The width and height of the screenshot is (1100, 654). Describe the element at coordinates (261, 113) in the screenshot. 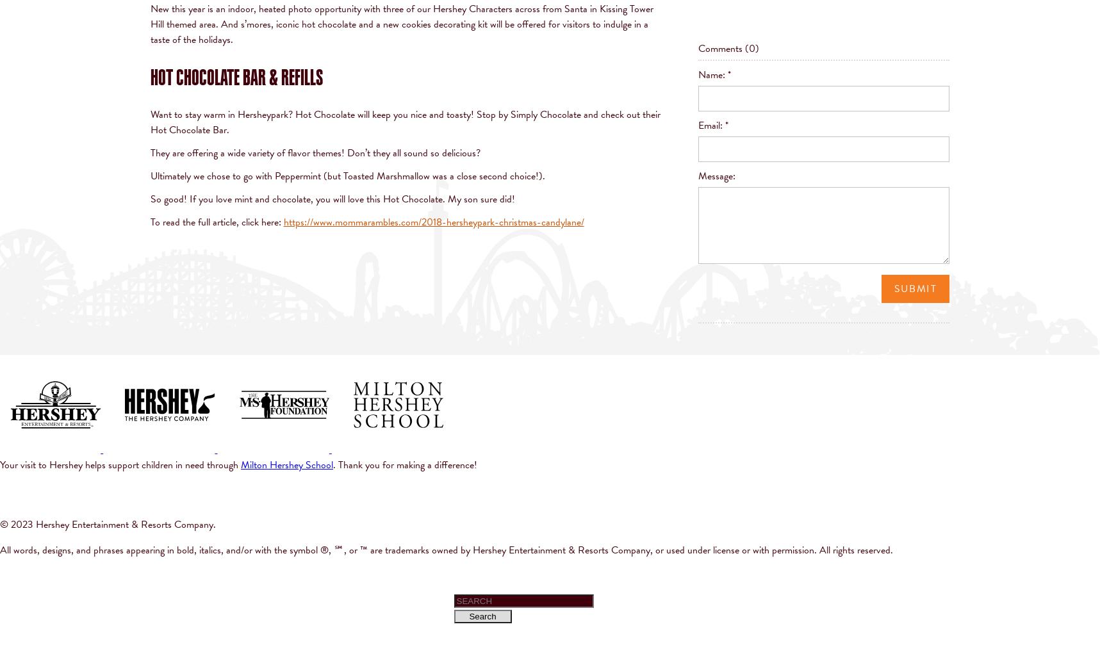

I see `'Hersheypark'` at that location.